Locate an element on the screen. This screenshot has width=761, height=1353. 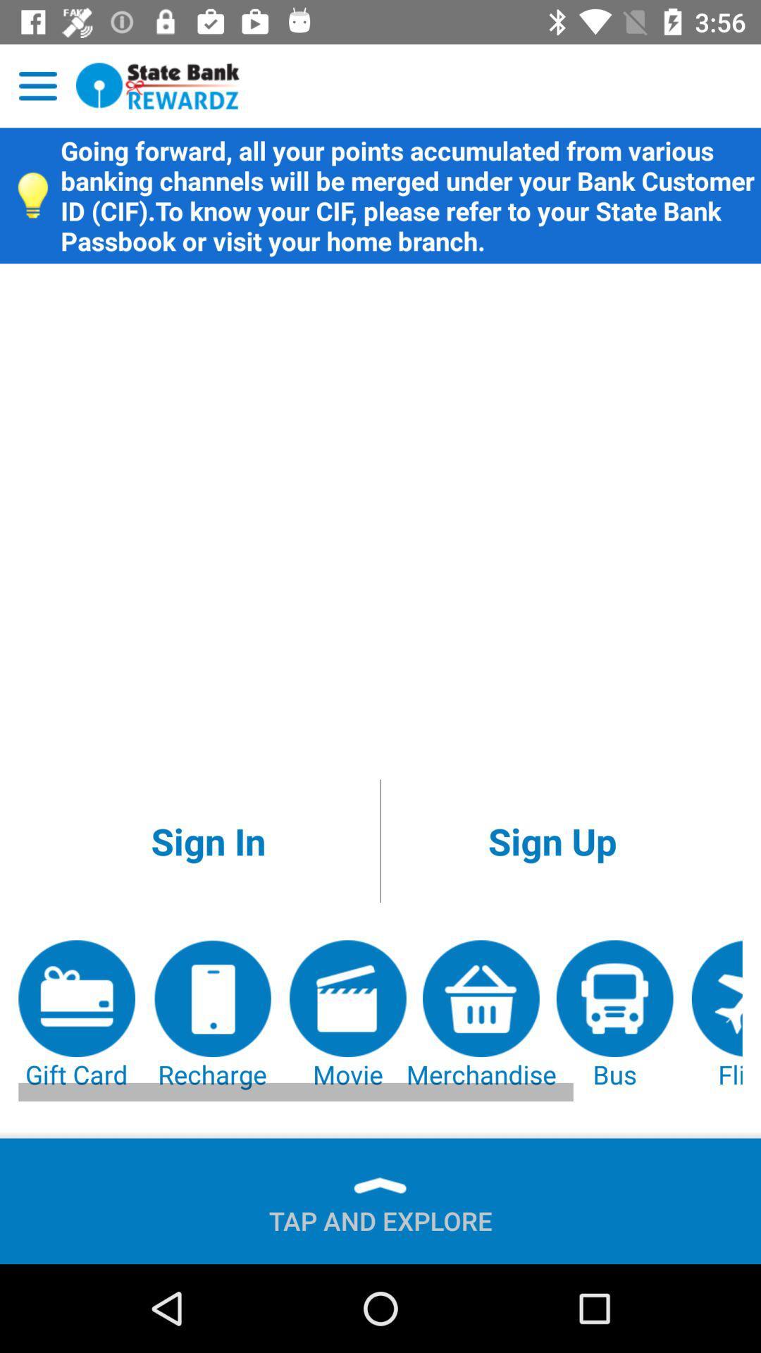
button above the tap and explore button is located at coordinates (77, 1015).